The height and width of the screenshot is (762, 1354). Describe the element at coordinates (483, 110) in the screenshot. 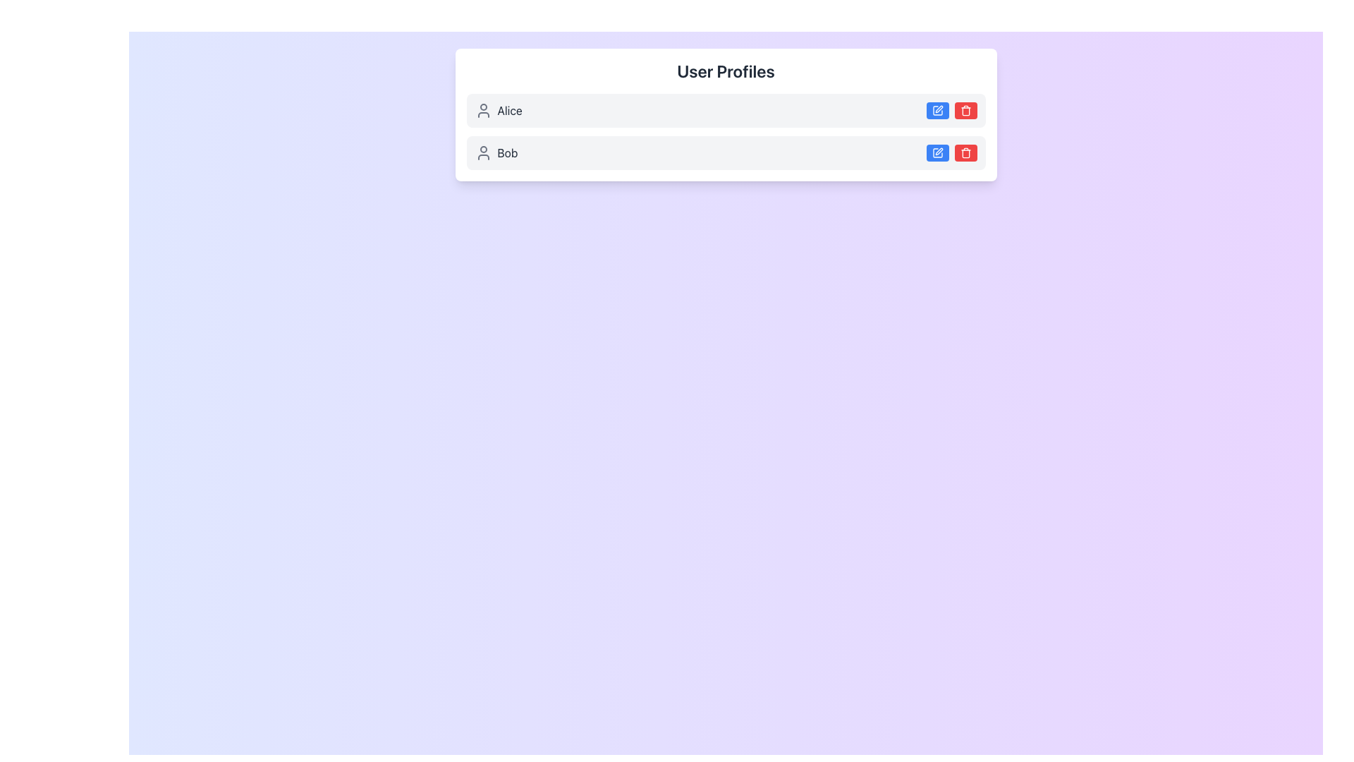

I see `the user profile icon with a gray outline, located next` at that location.